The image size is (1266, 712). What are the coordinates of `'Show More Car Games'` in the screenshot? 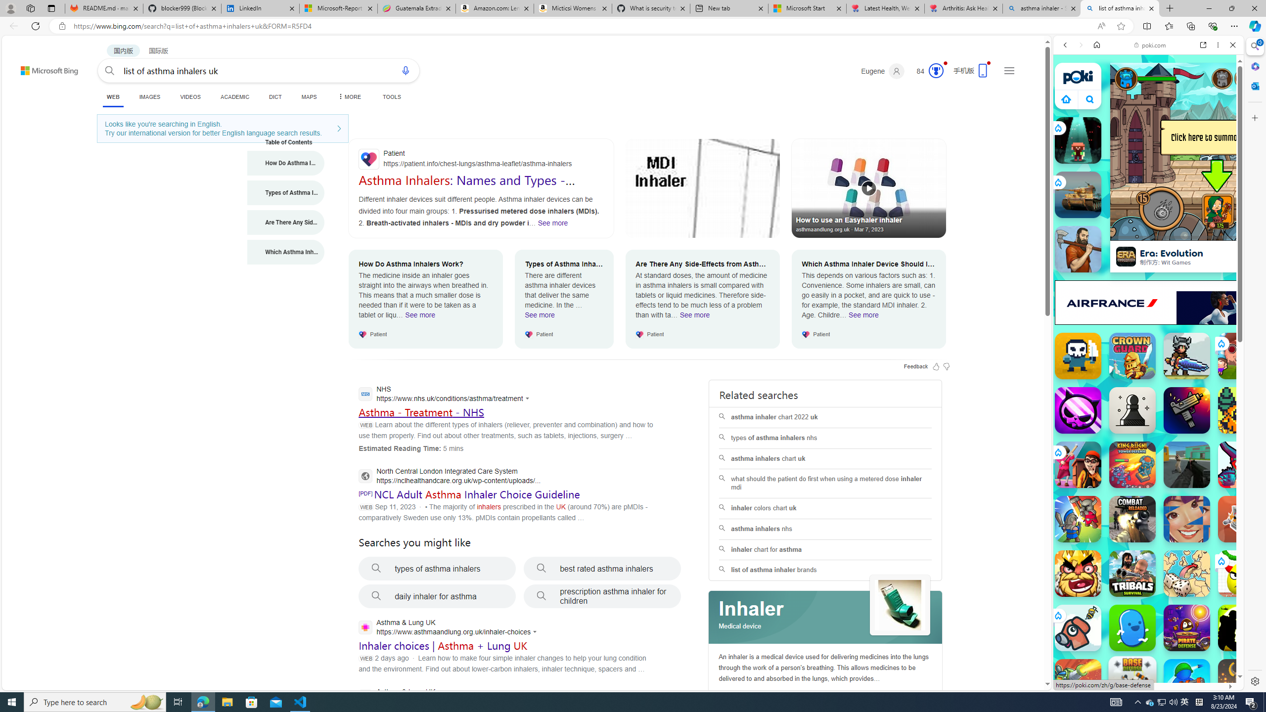 It's located at (1208, 233).